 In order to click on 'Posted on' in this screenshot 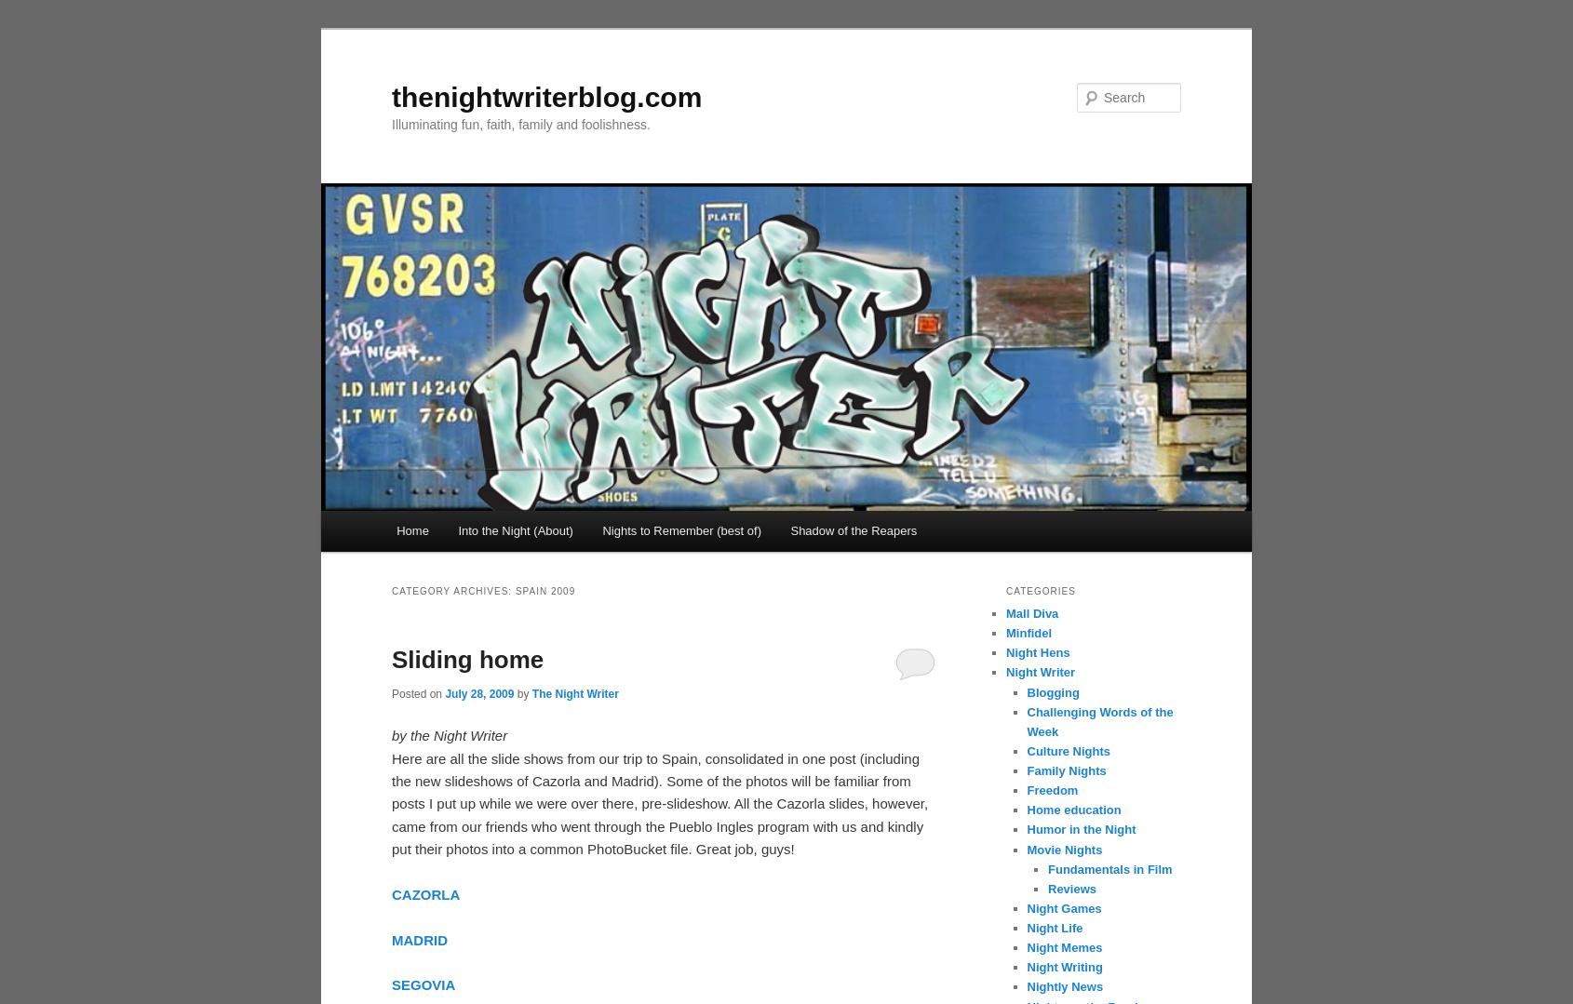, I will do `click(390, 692)`.